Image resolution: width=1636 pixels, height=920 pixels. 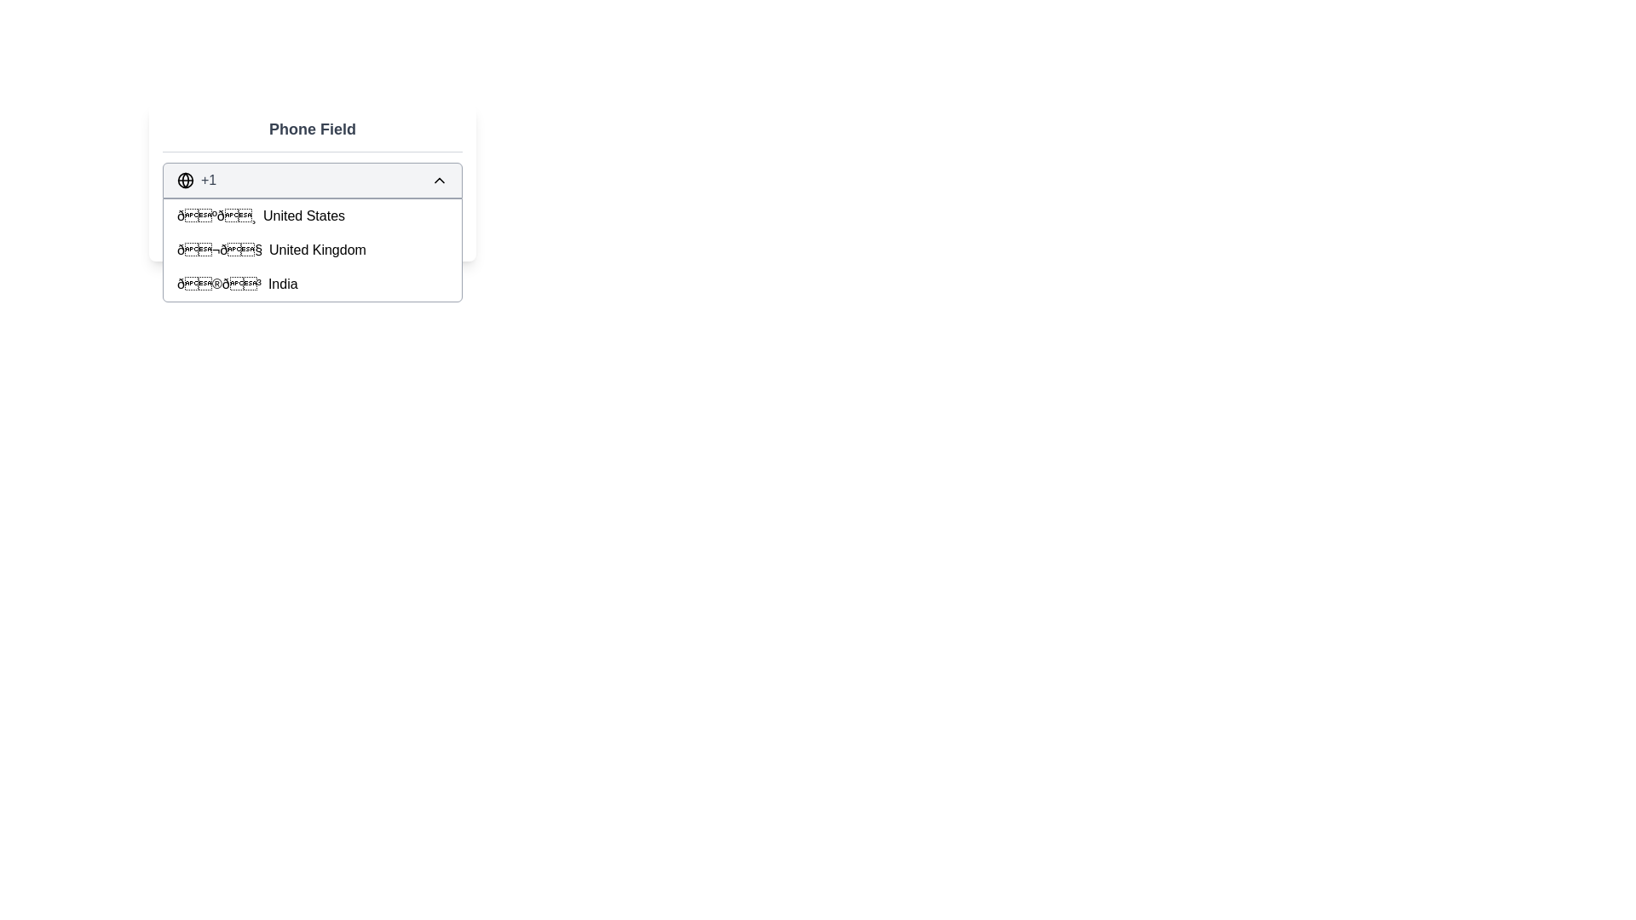 What do you see at coordinates (185, 181) in the screenshot?
I see `the circular decorative vector element that is part of the globe icon, located to the left of the country code text input field` at bounding box center [185, 181].